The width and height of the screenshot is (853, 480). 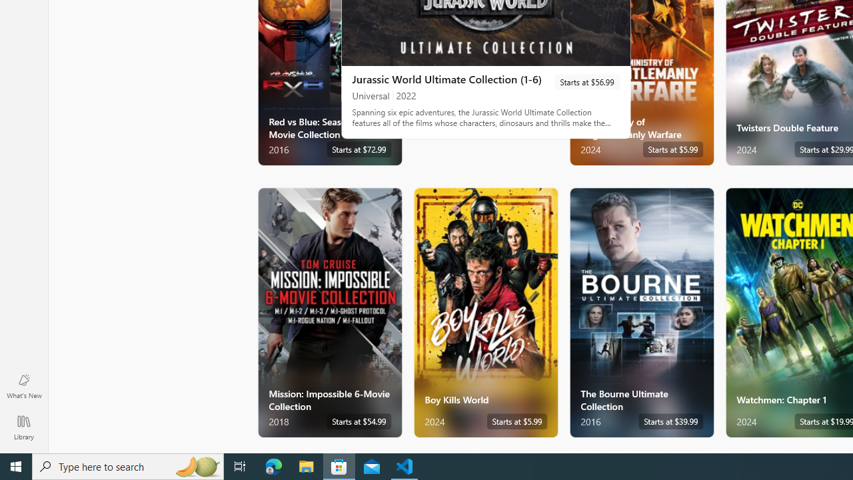 I want to click on 'Library', so click(x=23, y=427).